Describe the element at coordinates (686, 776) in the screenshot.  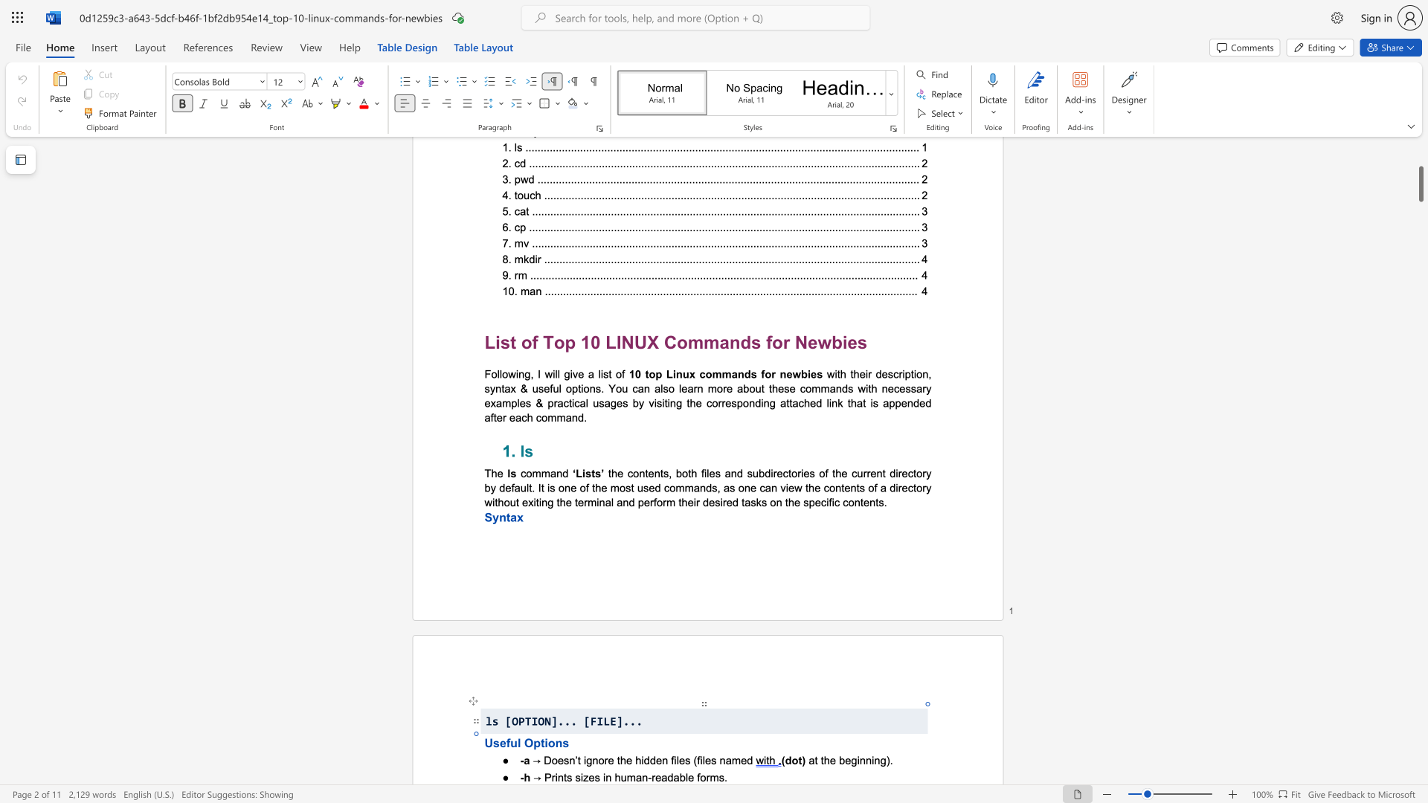
I see `the 1th character "l" in the text` at that location.